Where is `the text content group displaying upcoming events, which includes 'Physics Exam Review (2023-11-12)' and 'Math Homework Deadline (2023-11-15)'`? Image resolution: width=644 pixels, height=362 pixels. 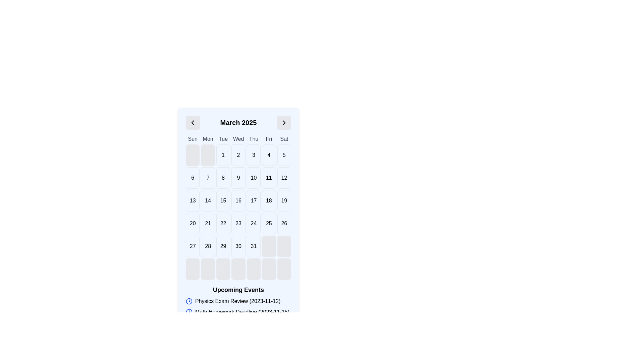
the text content group displaying upcoming events, which includes 'Physics Exam Review (2023-11-12)' and 'Math Homework Deadline (2023-11-15)' is located at coordinates (238, 306).